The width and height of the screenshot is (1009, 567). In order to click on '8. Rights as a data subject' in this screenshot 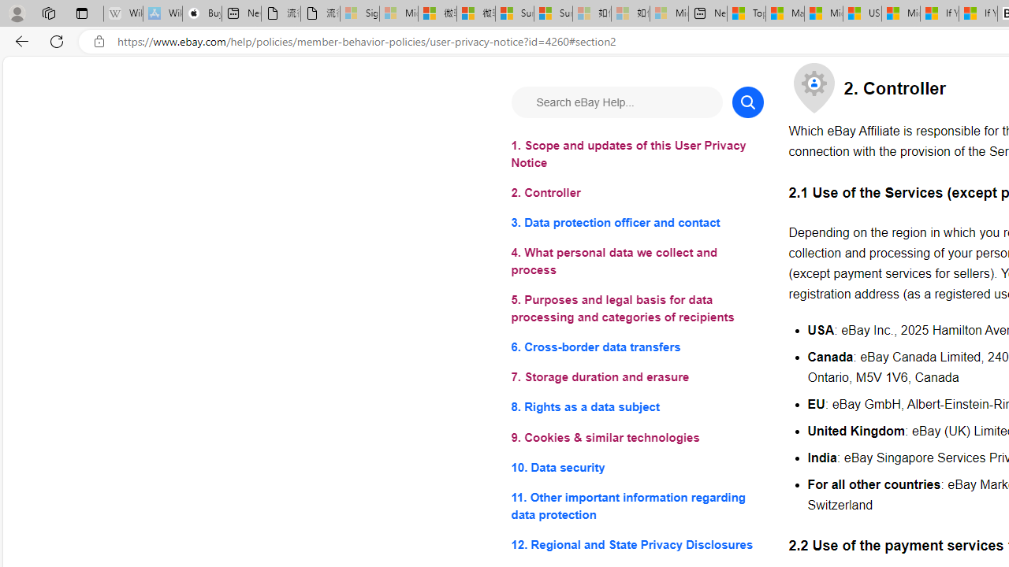, I will do `click(637, 406)`.